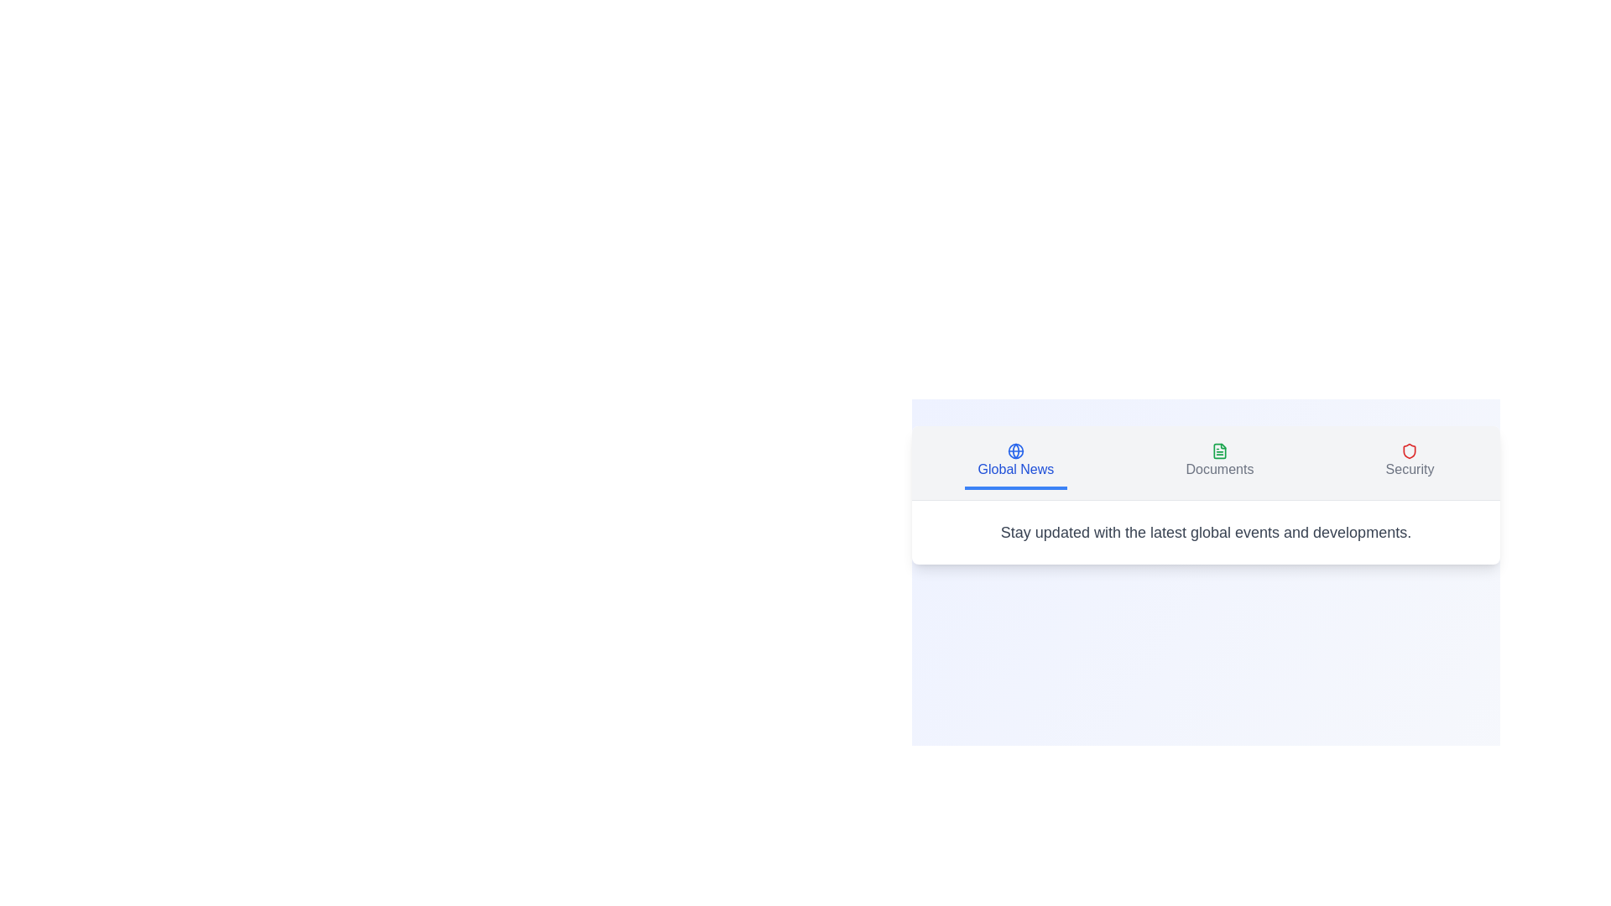 This screenshot has height=906, width=1611. What do you see at coordinates (1219, 462) in the screenshot?
I see `the Documents tab to view its content` at bounding box center [1219, 462].